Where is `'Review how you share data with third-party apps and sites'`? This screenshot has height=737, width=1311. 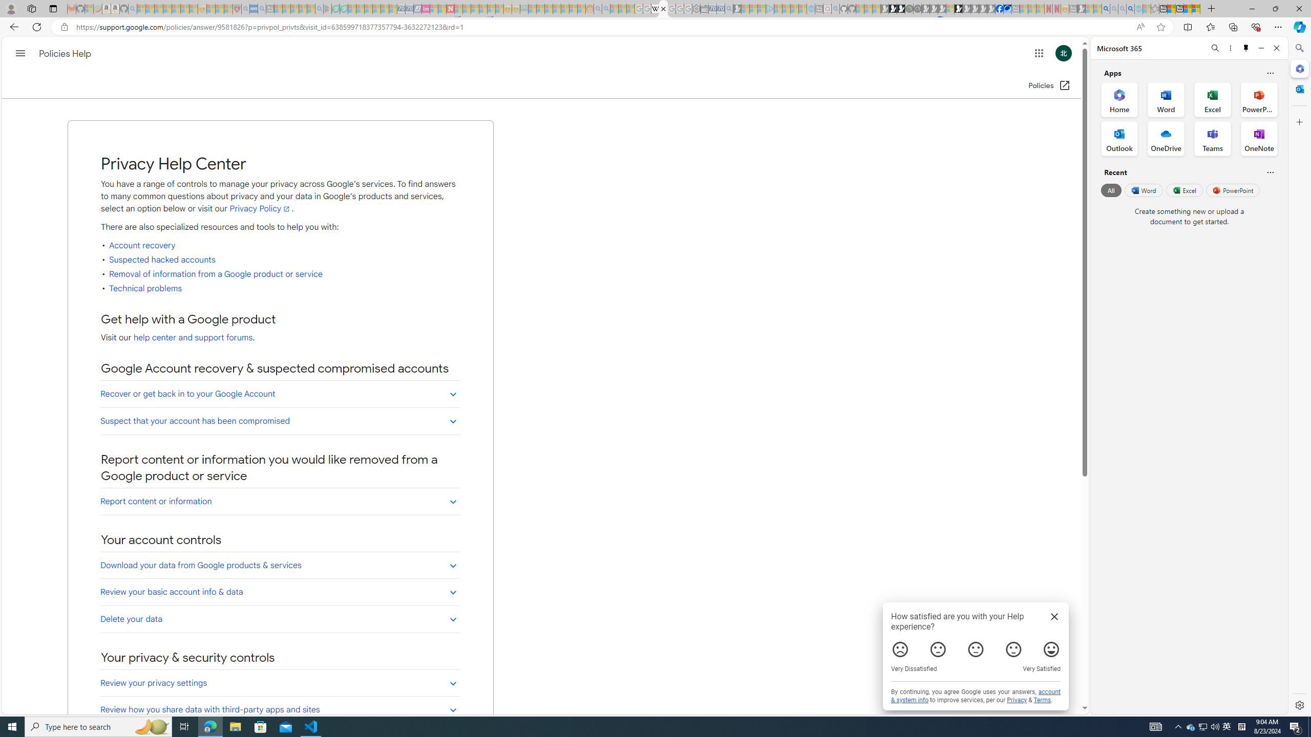 'Review how you share data with third-party apps and sites' is located at coordinates (280, 709).